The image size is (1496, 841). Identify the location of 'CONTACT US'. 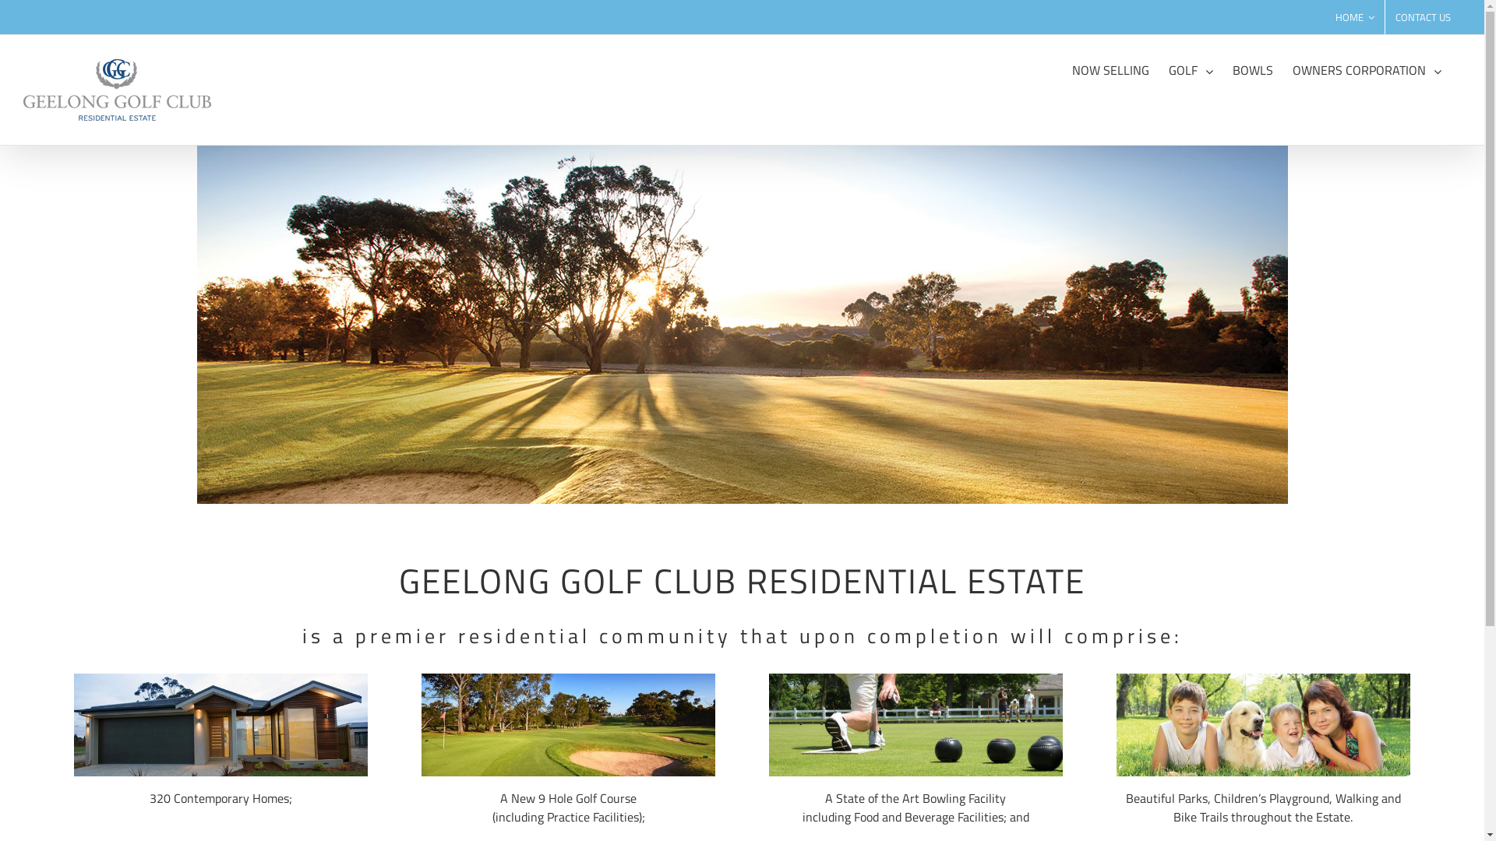
(1385, 17).